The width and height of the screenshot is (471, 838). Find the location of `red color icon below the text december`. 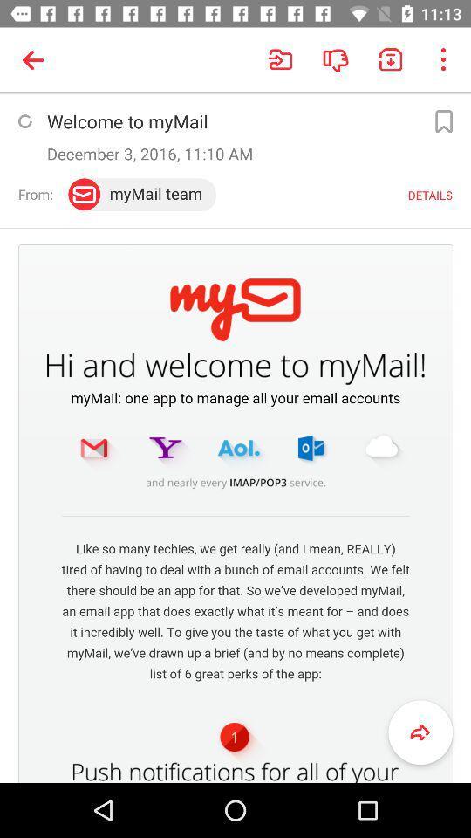

red color icon below the text december is located at coordinates (83, 194).